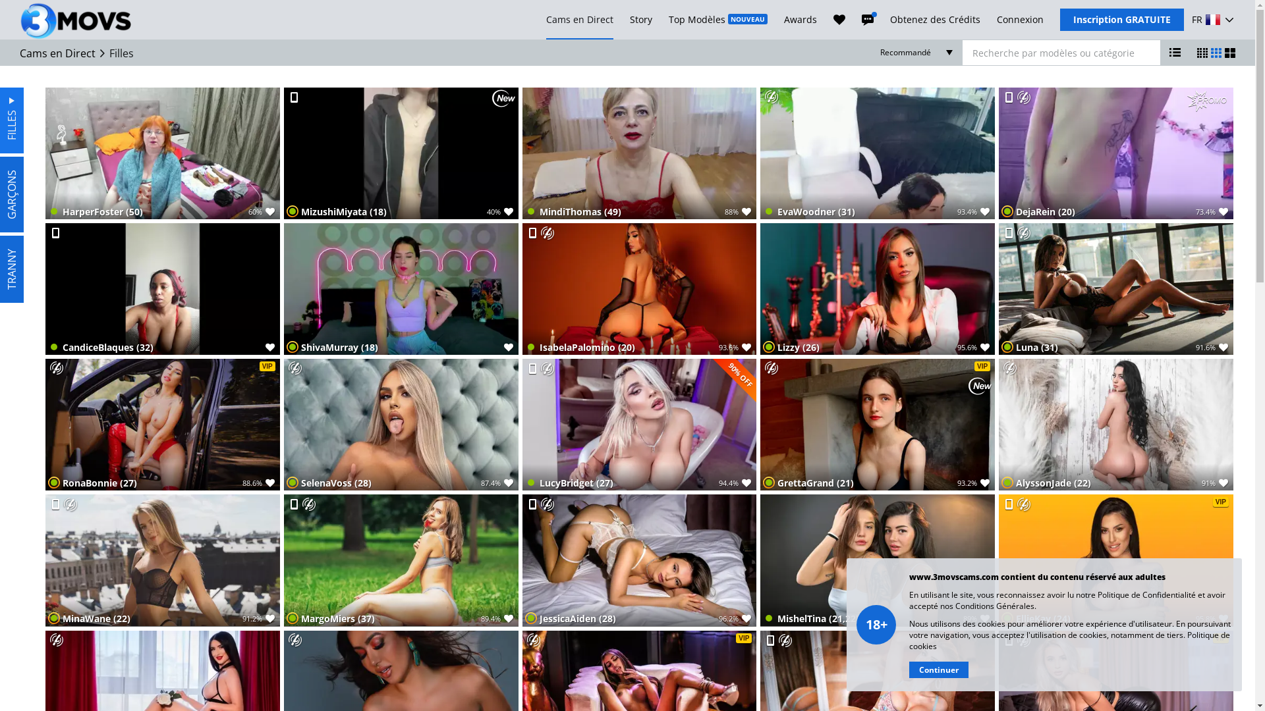 The width and height of the screenshot is (1265, 711). Describe the element at coordinates (878, 424) in the screenshot. I see `'VIP` at that location.